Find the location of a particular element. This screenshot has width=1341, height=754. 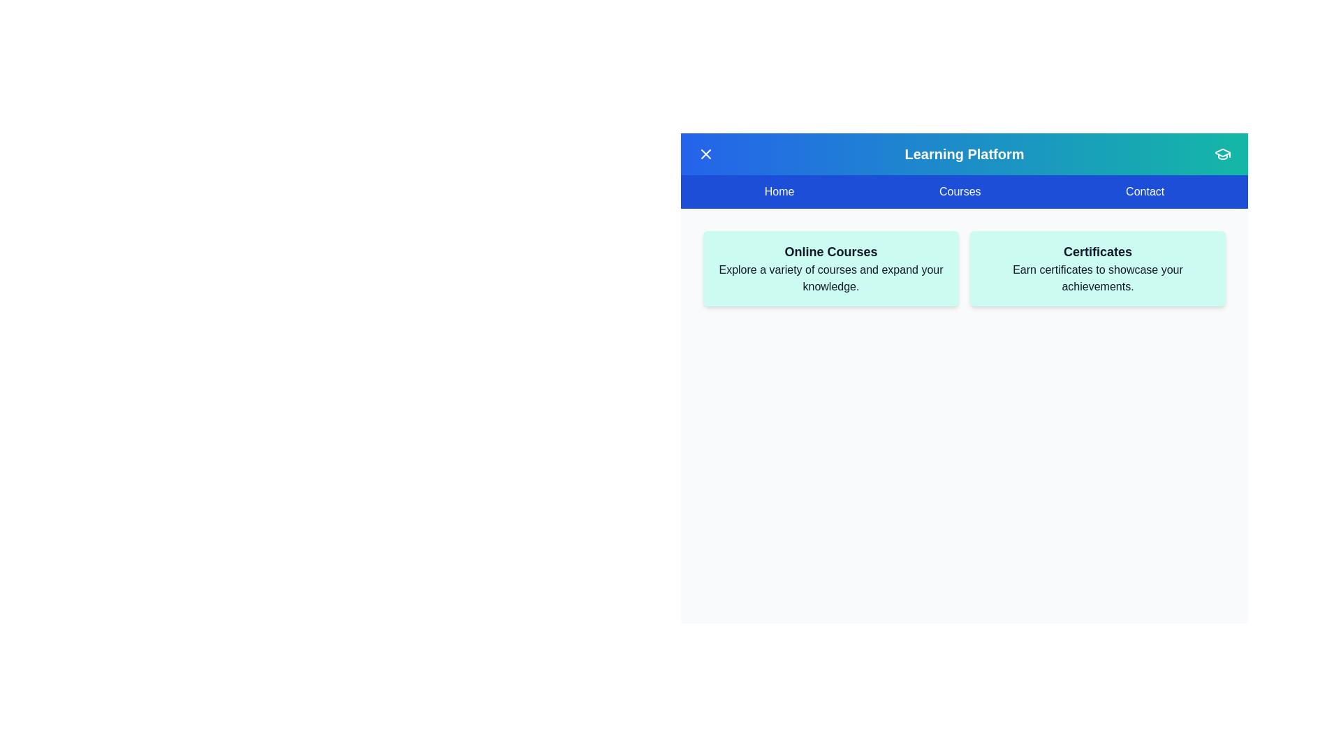

the 'Courses' menu item to navigate to the 'Courses' section is located at coordinates (958, 191).